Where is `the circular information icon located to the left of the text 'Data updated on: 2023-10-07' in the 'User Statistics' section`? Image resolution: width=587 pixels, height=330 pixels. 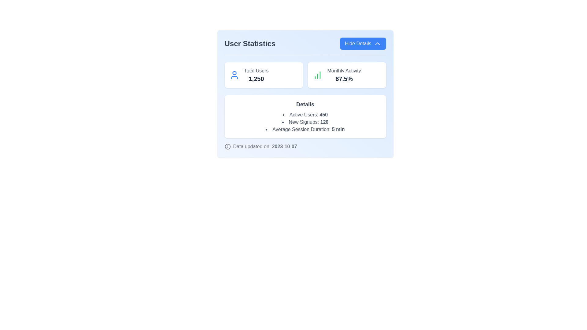 the circular information icon located to the left of the text 'Data updated on: 2023-10-07' in the 'User Statistics' section is located at coordinates (227, 146).